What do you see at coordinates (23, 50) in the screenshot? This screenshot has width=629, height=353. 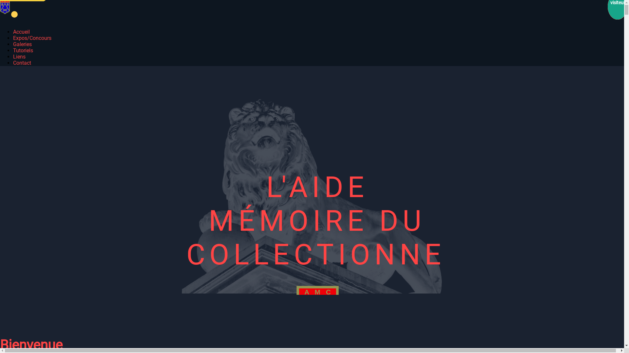 I see `'Tutoriels'` at bounding box center [23, 50].